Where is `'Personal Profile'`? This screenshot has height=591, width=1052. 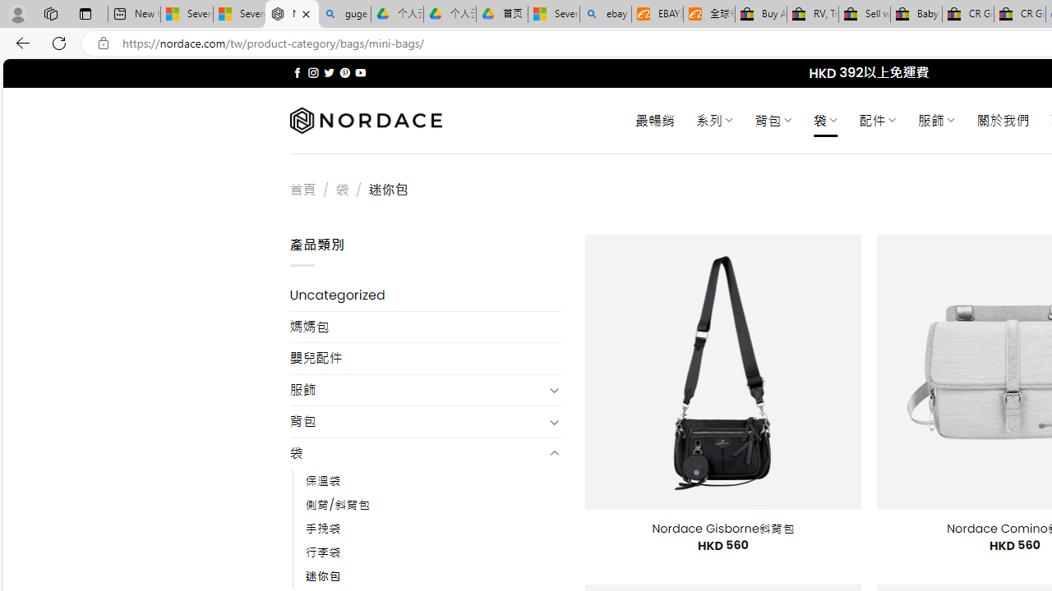 'Personal Profile' is located at coordinates (17, 13).